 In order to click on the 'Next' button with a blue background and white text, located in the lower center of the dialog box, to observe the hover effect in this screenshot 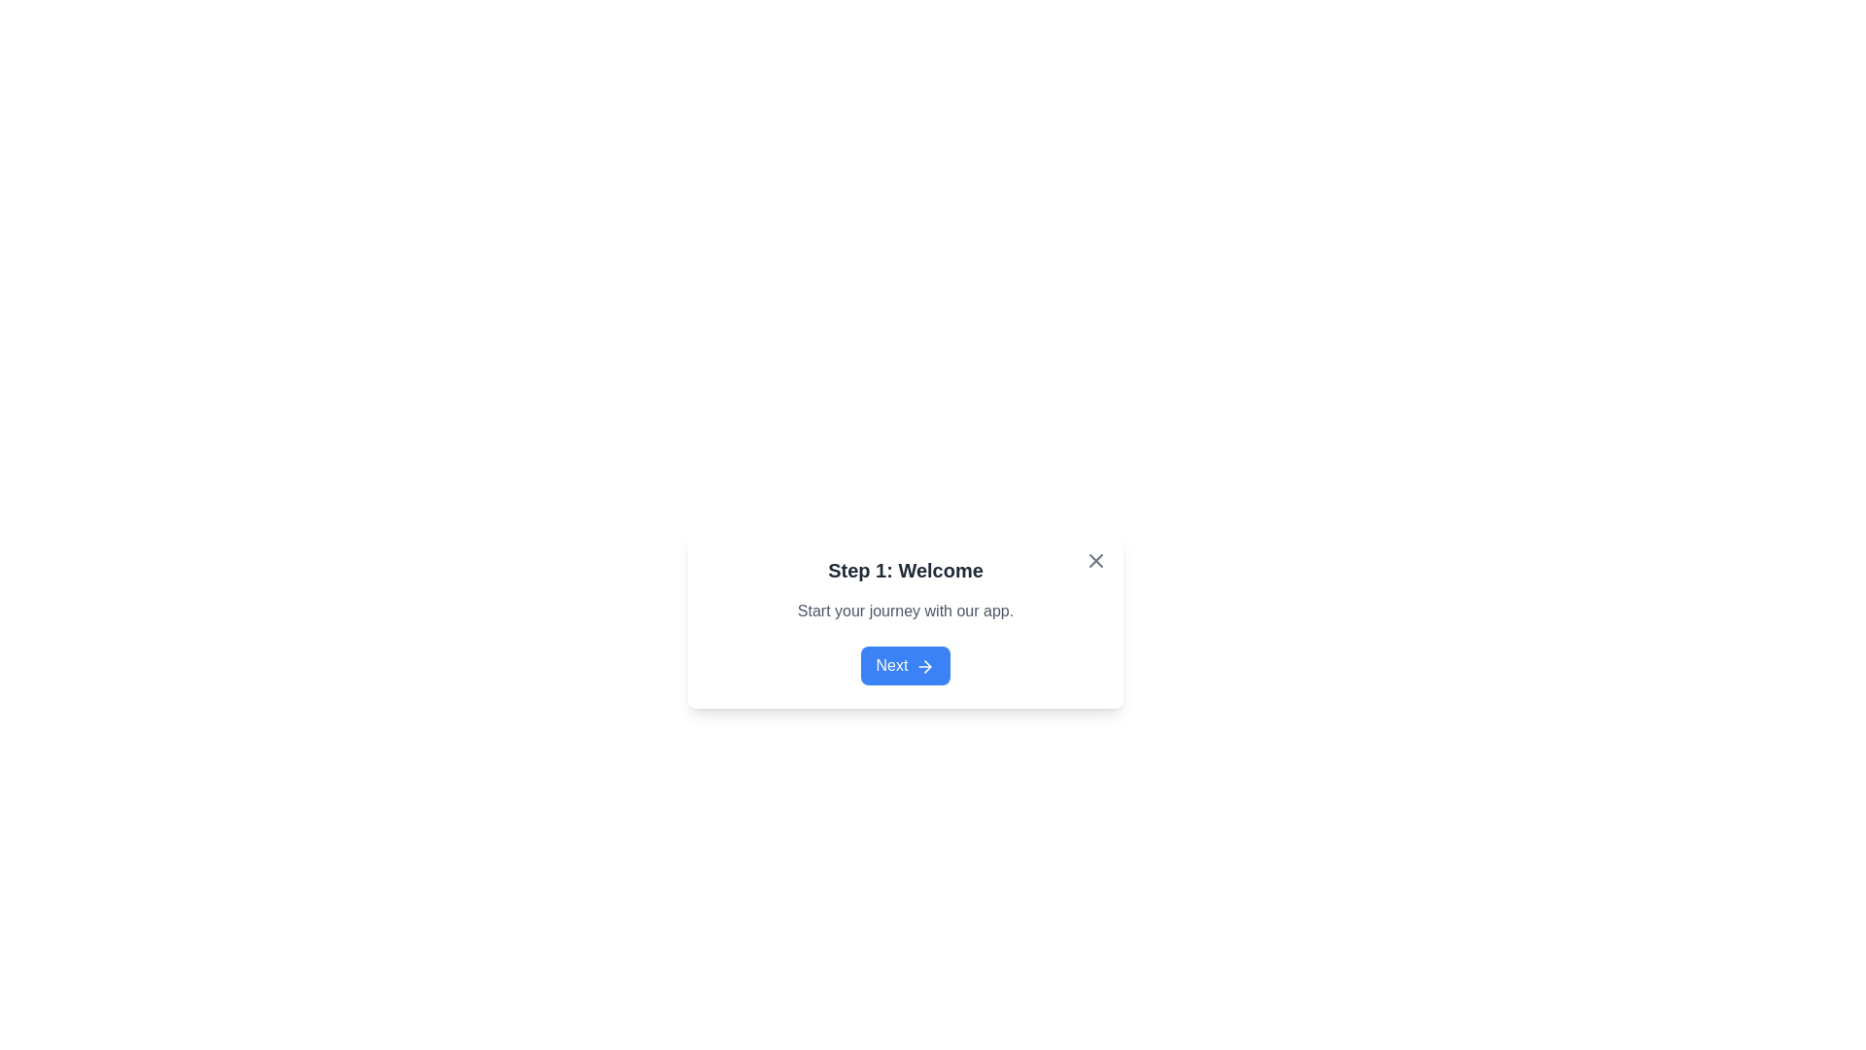, I will do `click(904, 665)`.